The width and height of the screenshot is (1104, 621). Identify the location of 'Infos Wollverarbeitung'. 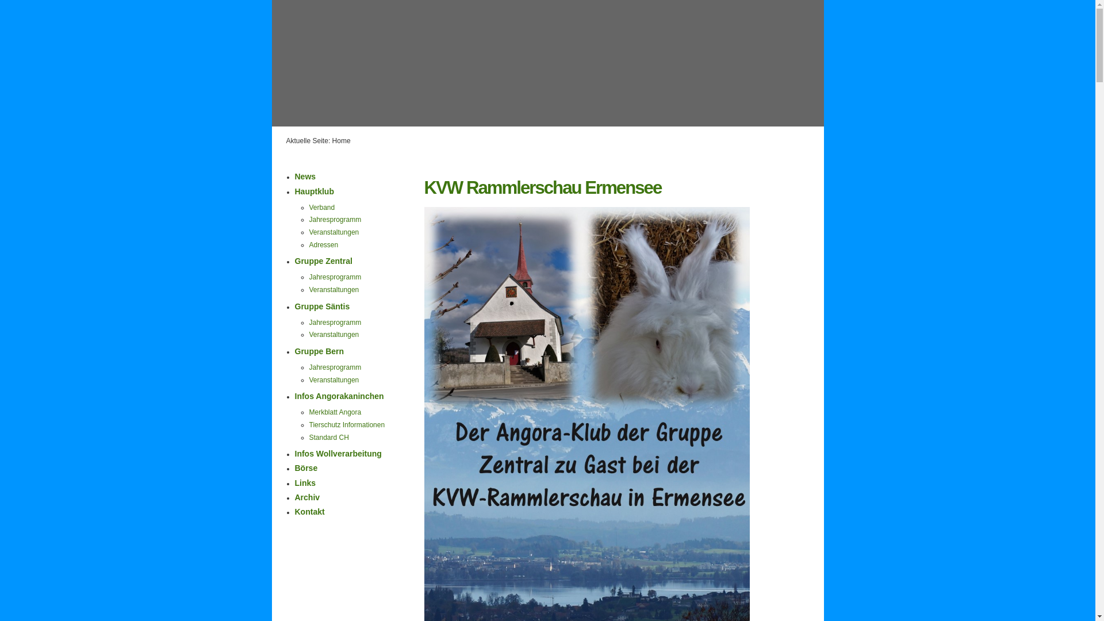
(337, 453).